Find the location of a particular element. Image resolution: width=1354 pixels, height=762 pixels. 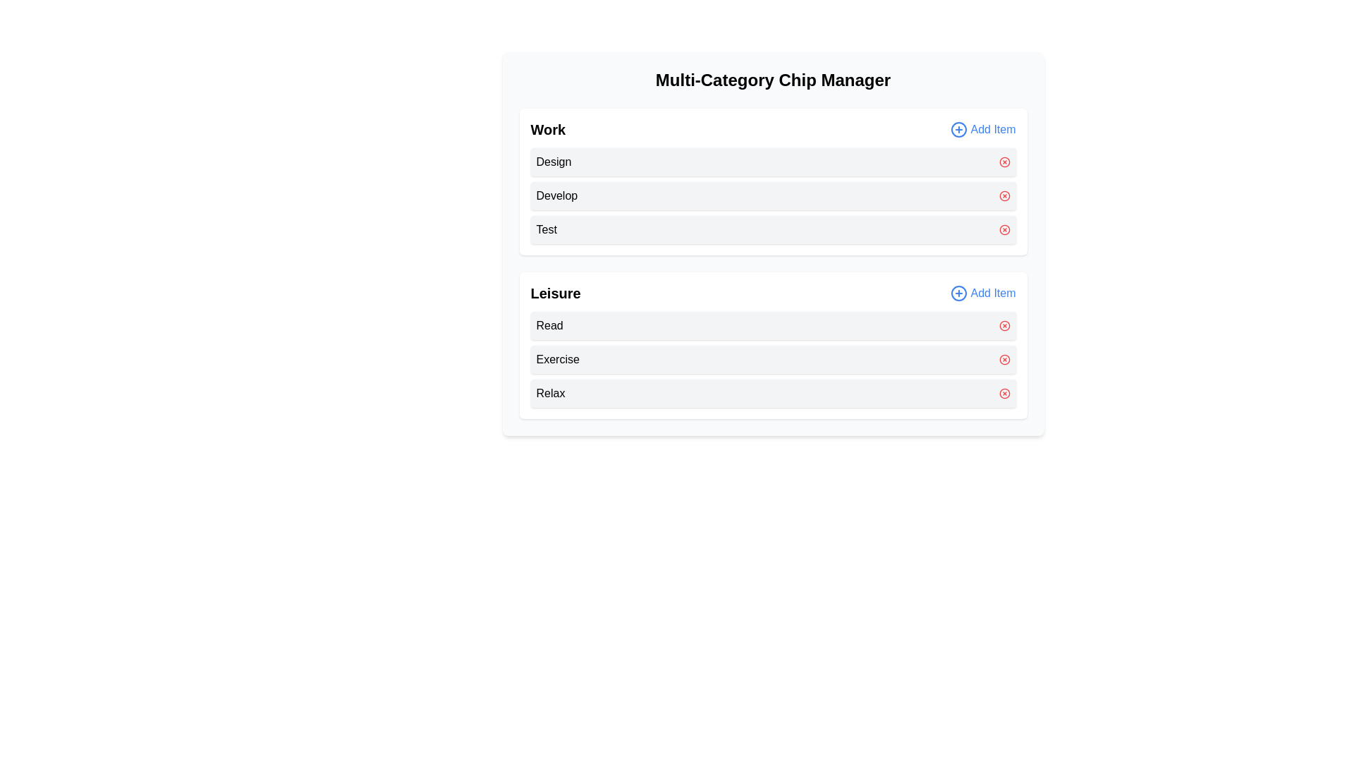

the 'Add Item' button for the Work category is located at coordinates (982, 130).